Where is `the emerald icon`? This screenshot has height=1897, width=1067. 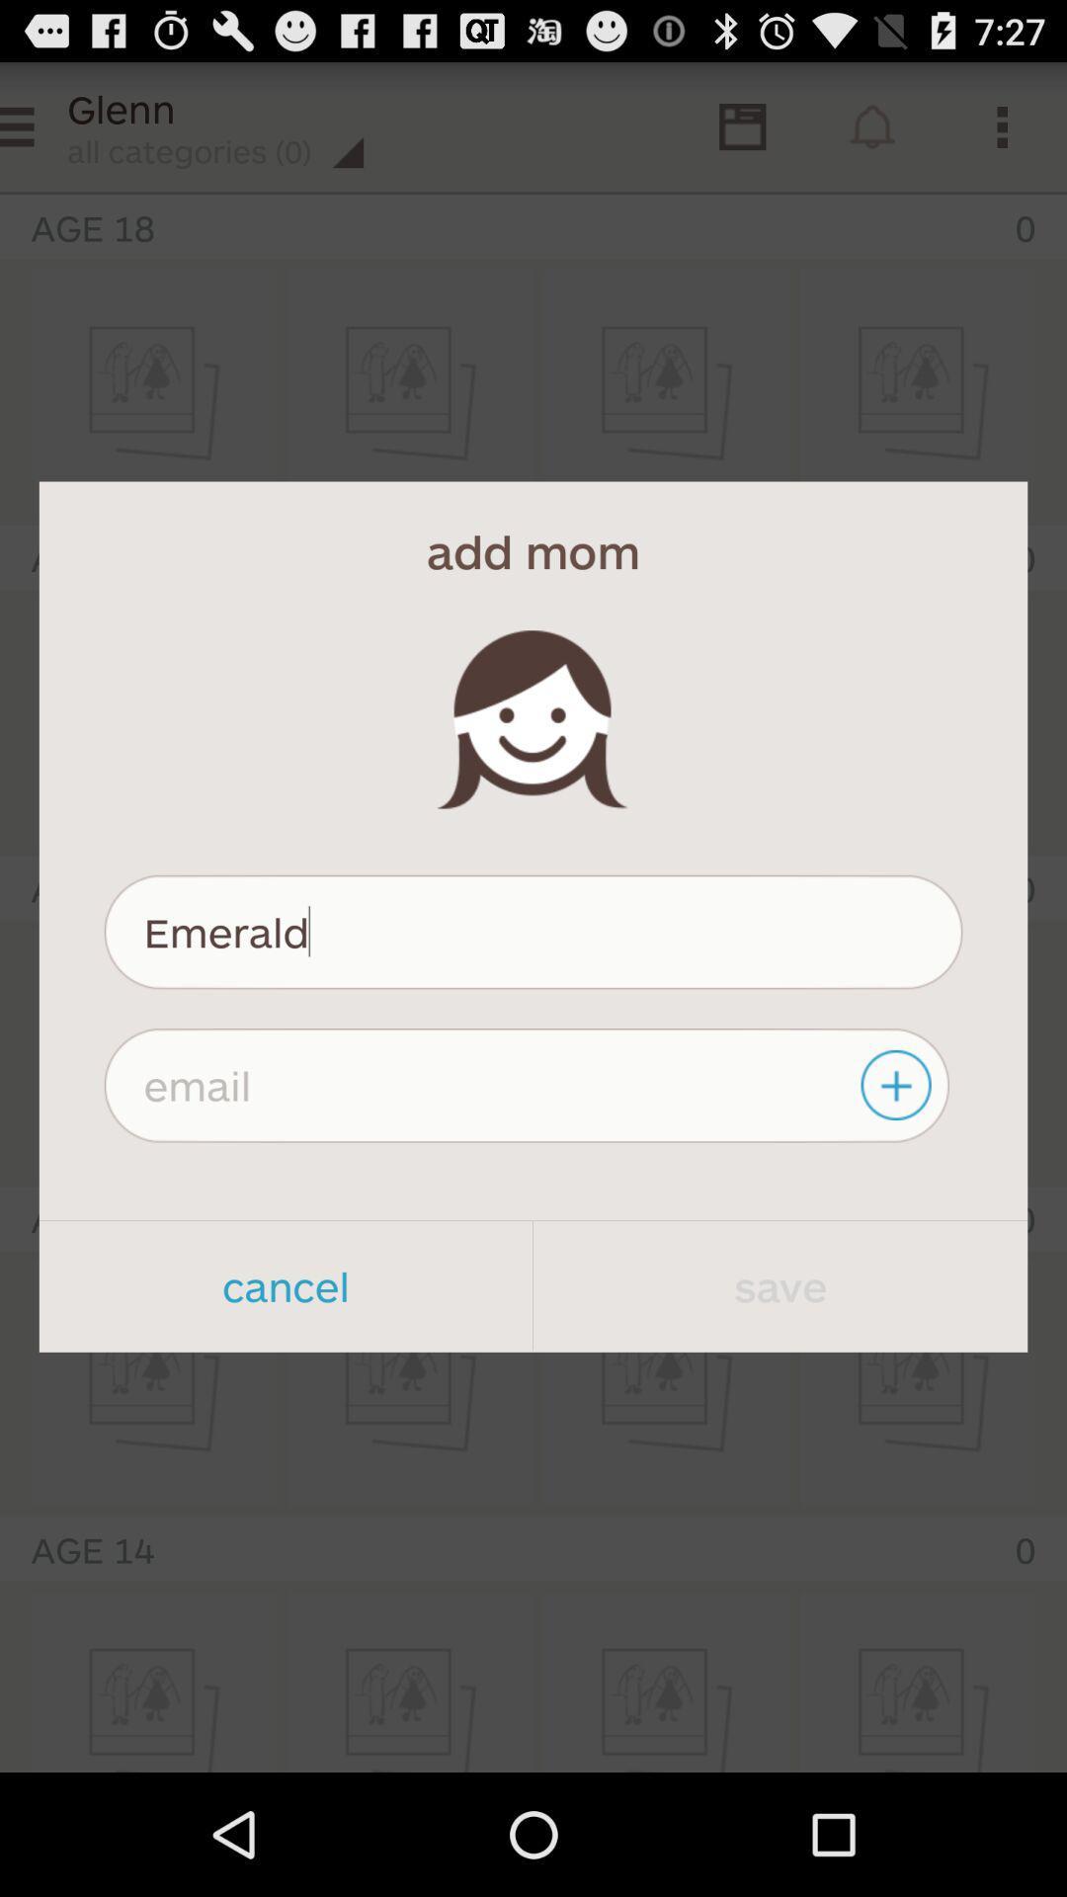 the emerald icon is located at coordinates (533, 931).